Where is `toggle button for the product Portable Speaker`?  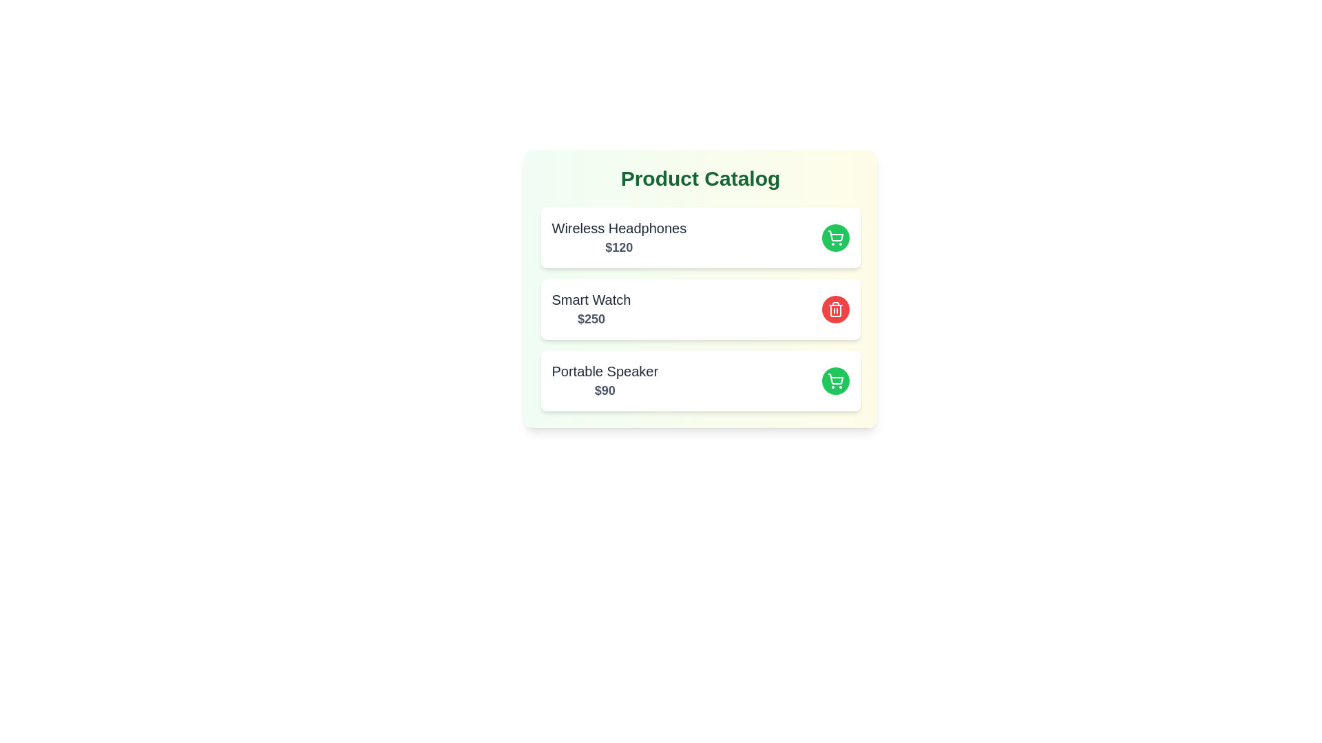
toggle button for the product Portable Speaker is located at coordinates (835, 381).